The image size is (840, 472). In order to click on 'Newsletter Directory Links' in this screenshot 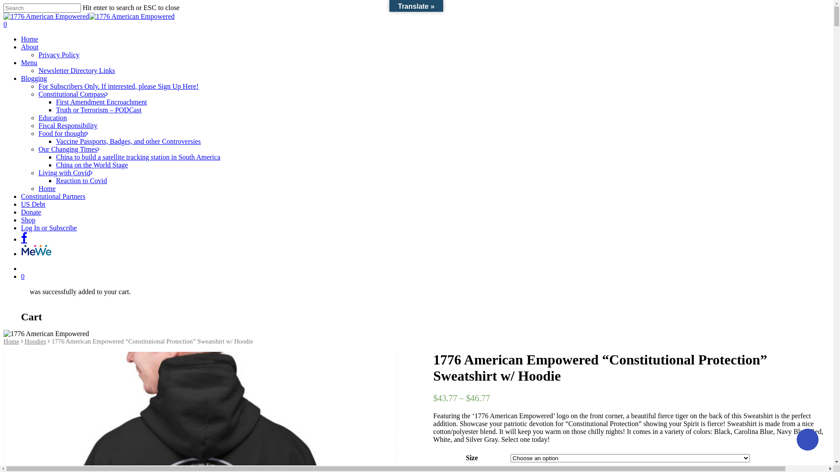, I will do `click(38, 70)`.